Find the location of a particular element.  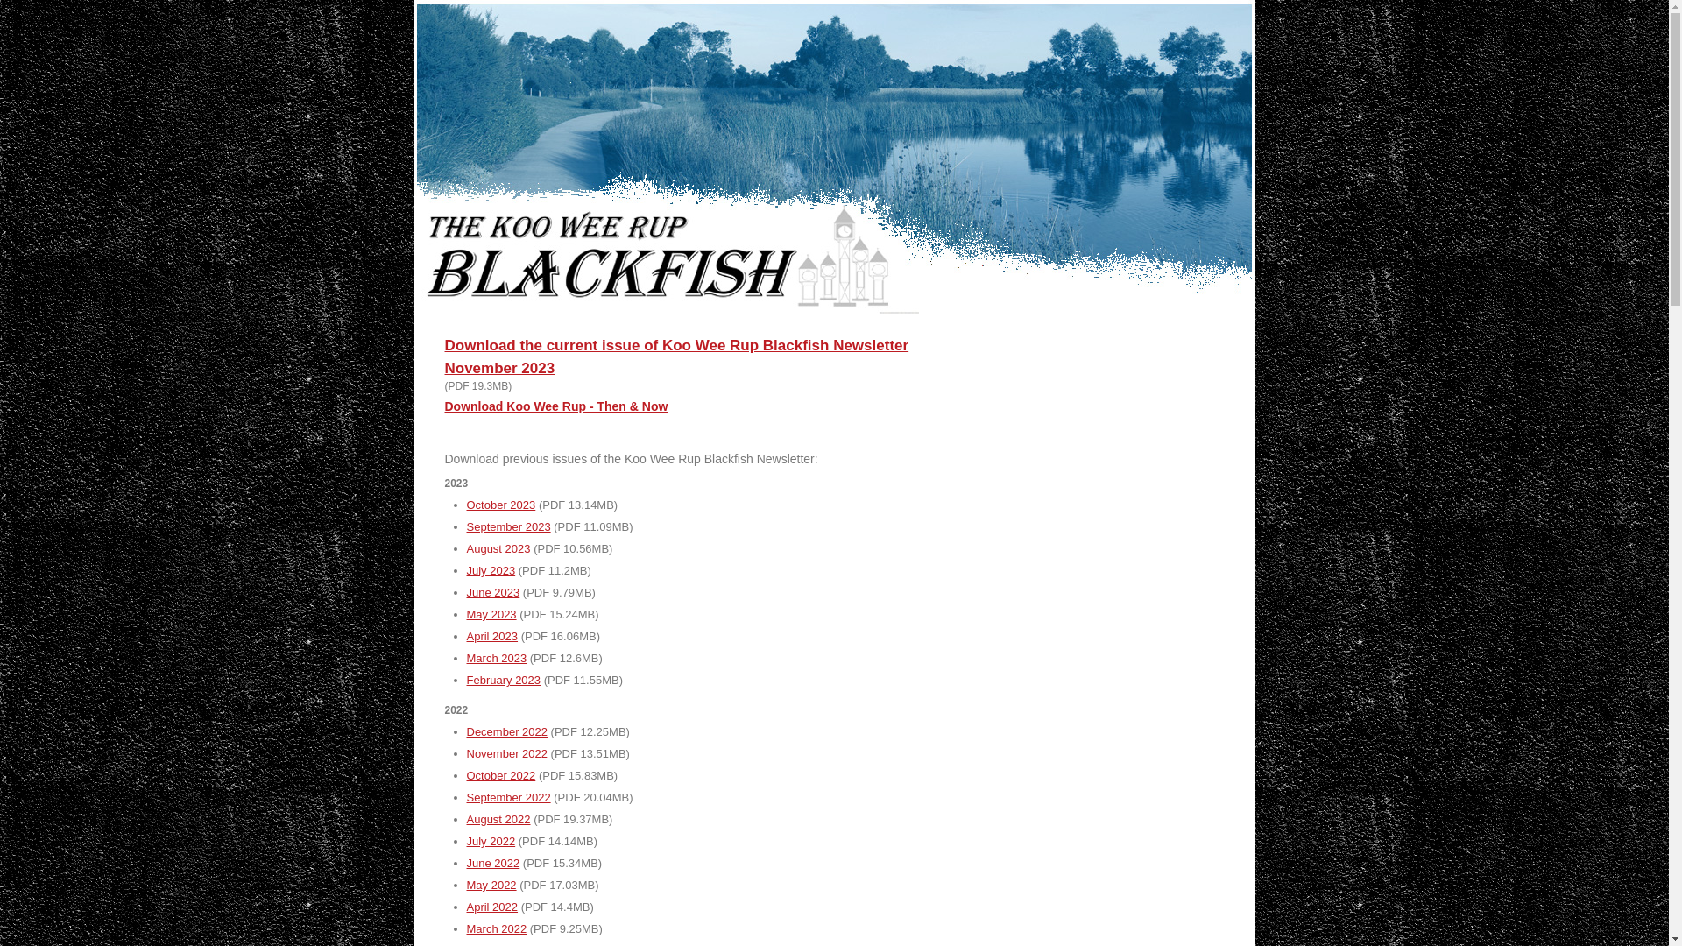

'August 2022' is located at coordinates (497, 819).